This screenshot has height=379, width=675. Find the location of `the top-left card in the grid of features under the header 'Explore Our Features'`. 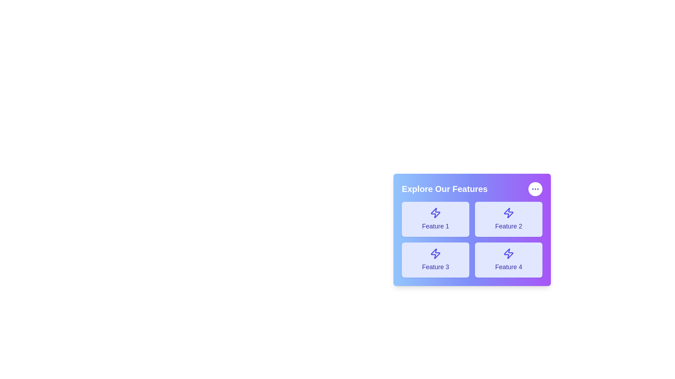

the top-left card in the grid of features under the header 'Explore Our Features' is located at coordinates (435, 219).